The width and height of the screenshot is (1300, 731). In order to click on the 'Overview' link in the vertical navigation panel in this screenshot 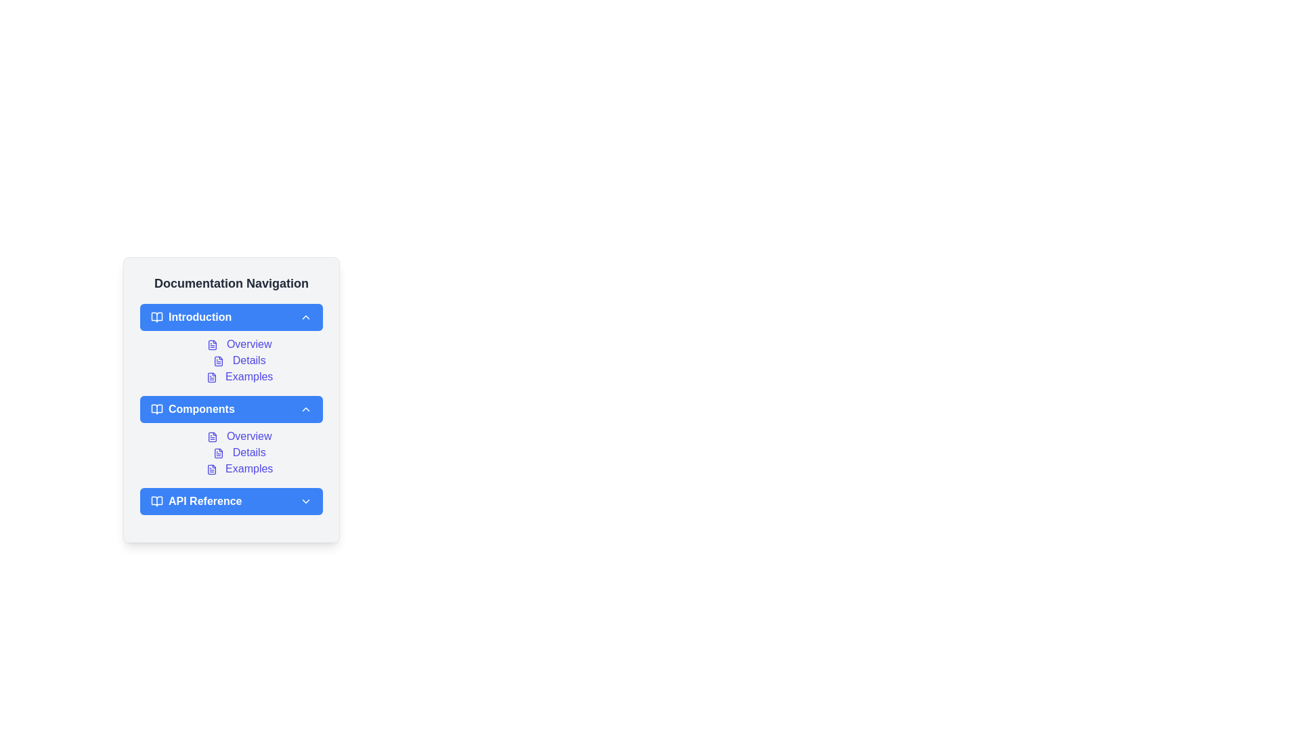, I will do `click(240, 344)`.